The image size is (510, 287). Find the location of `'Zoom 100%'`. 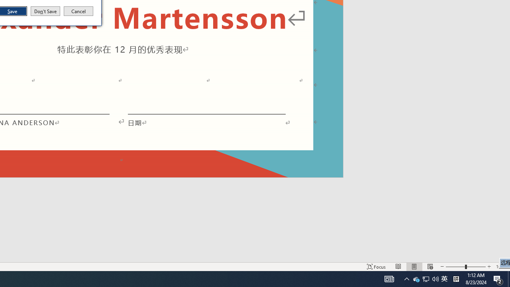

'Zoom 100%' is located at coordinates (501, 267).